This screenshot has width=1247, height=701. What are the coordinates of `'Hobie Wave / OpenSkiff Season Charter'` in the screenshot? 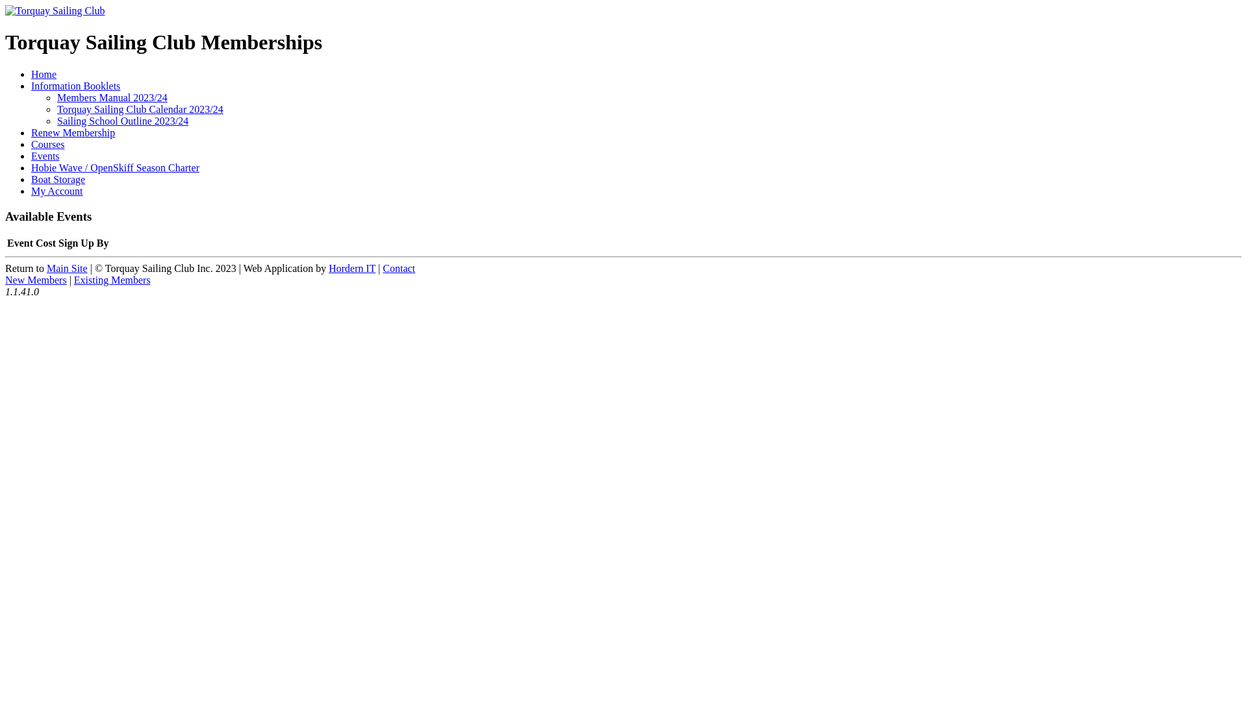 It's located at (115, 167).